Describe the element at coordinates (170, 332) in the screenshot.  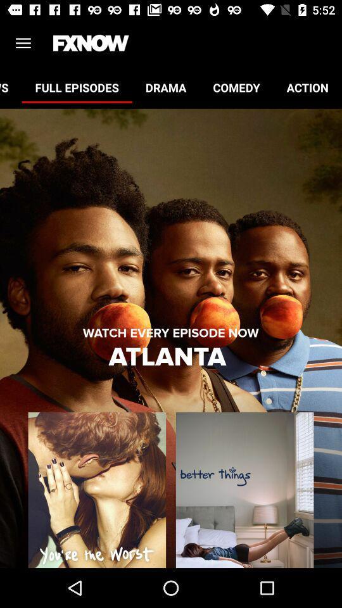
I see `the watch every episode item` at that location.